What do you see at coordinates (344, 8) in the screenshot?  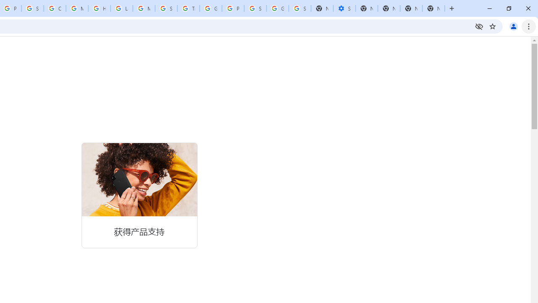 I see `'Settings - Performance'` at bounding box center [344, 8].